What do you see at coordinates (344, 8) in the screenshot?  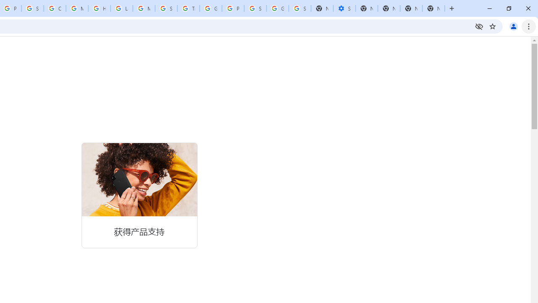 I see `'Settings - Performance'` at bounding box center [344, 8].